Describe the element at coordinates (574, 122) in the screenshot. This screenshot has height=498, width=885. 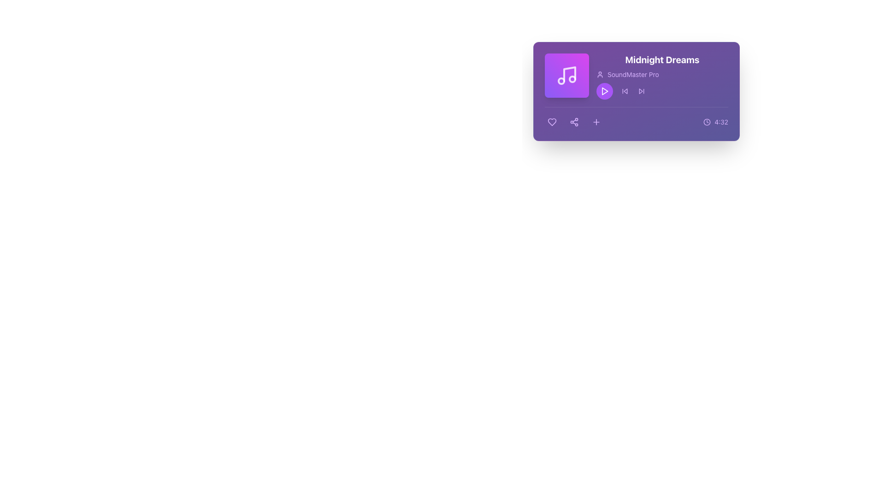
I see `the sharing icon located in the middle of the bottom row of interactive icons on a card layout with a purple background to initiate the sharing functionality` at that location.